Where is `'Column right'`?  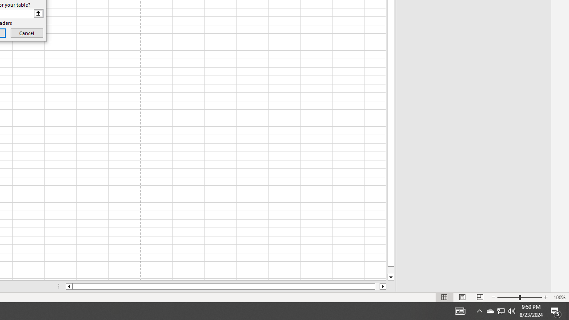
'Column right' is located at coordinates (383, 286).